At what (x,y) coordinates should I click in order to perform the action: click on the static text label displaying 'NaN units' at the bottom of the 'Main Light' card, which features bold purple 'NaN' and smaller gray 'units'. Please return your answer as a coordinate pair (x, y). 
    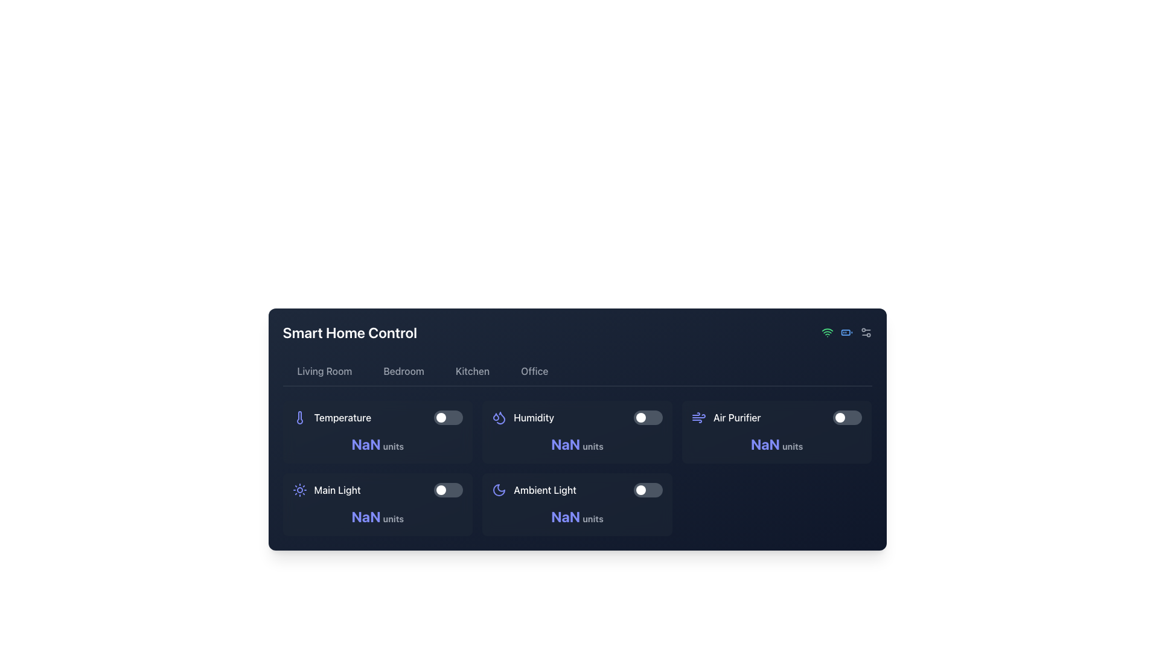
    Looking at the image, I should click on (377, 516).